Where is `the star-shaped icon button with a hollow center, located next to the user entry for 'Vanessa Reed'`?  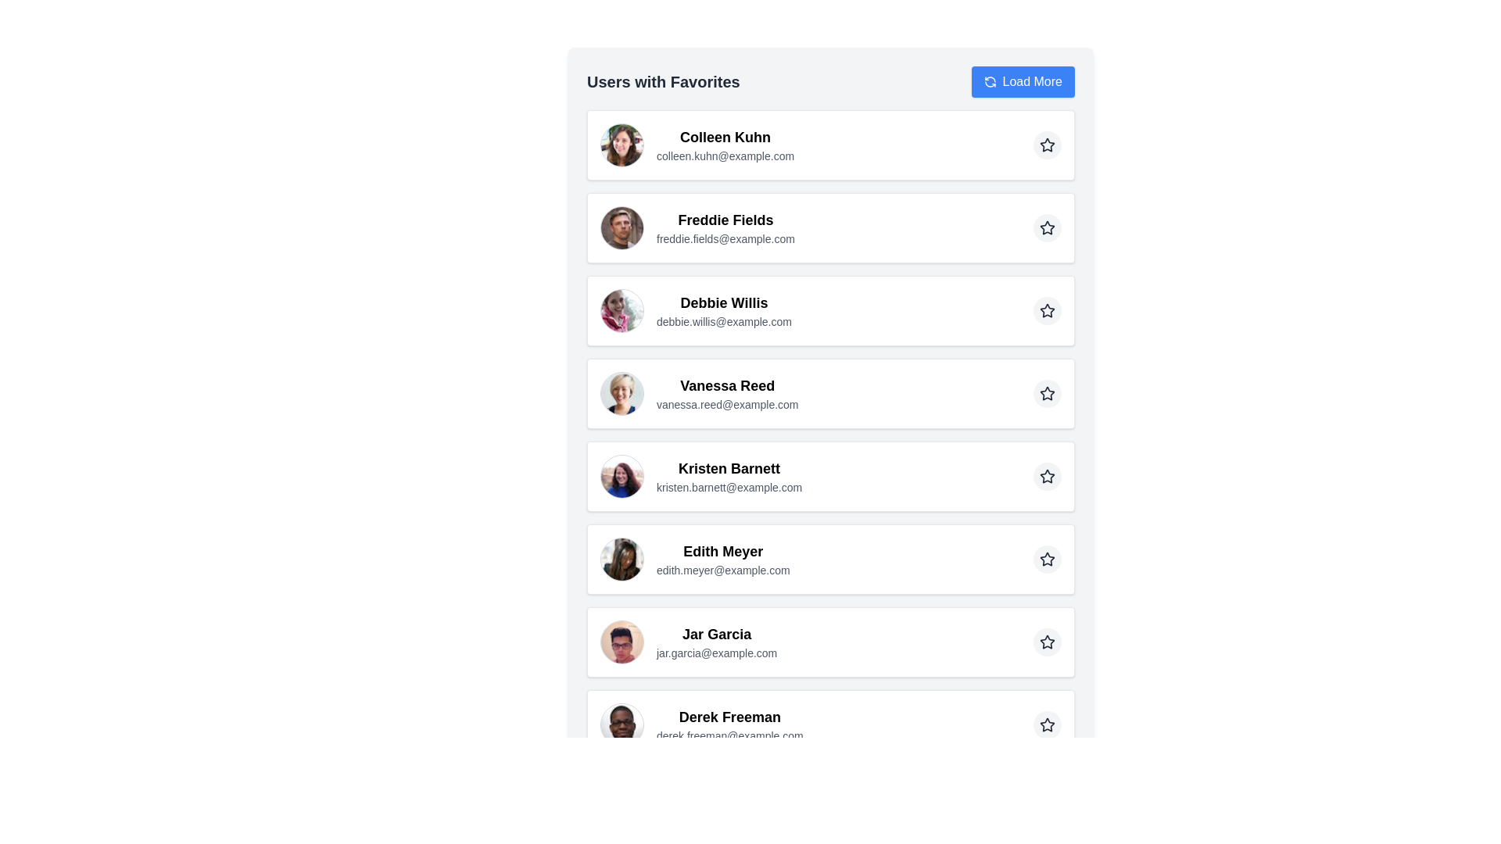
the star-shaped icon button with a hollow center, located next to the user entry for 'Vanessa Reed' is located at coordinates (1047, 392).